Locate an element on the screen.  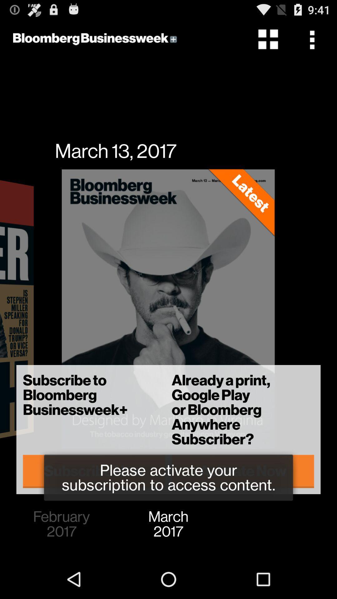
the icon next to the subscribe to bloomberg icon is located at coordinates (242, 471).